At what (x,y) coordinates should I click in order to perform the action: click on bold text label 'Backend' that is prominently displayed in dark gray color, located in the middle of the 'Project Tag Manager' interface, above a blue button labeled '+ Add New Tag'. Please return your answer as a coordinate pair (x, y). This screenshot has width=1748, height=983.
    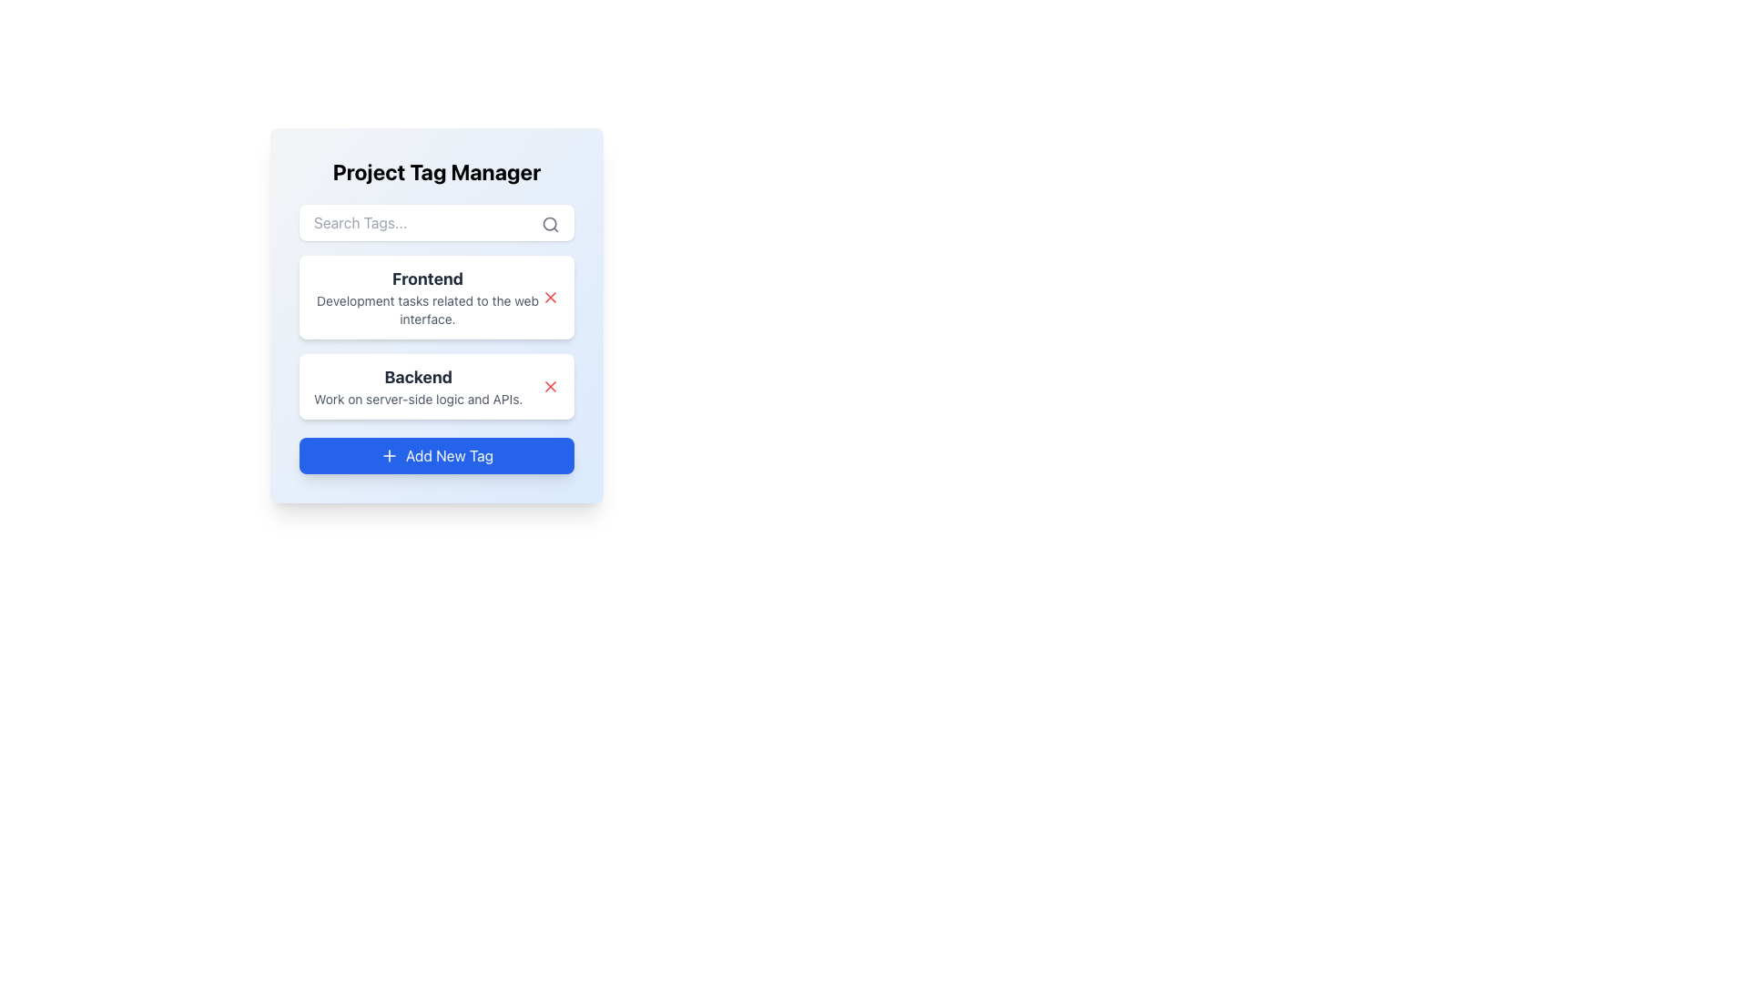
    Looking at the image, I should click on (417, 377).